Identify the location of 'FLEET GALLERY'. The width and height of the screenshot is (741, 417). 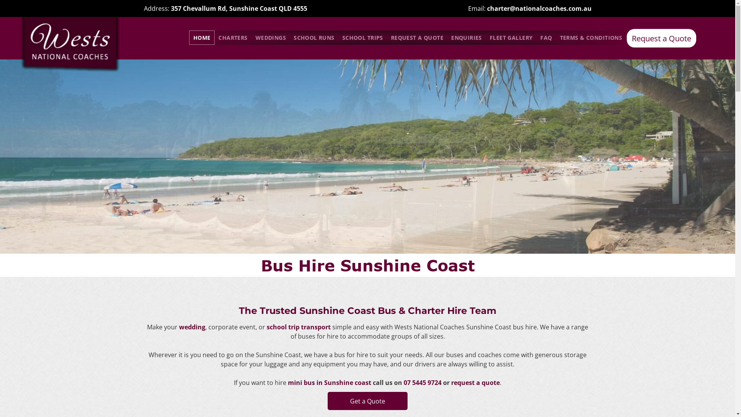
(511, 37).